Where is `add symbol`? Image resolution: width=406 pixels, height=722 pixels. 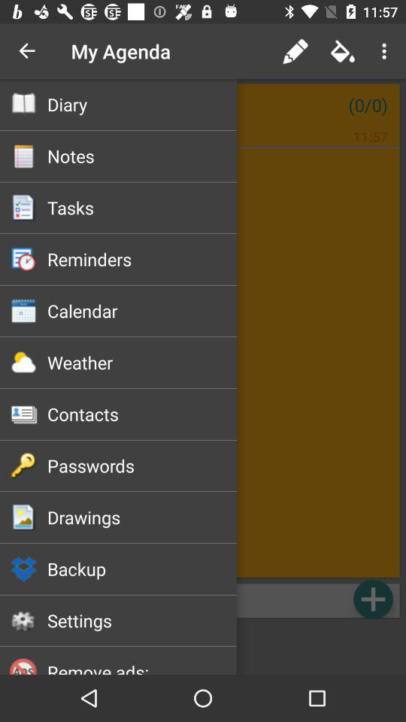
add symbol is located at coordinates (372, 599).